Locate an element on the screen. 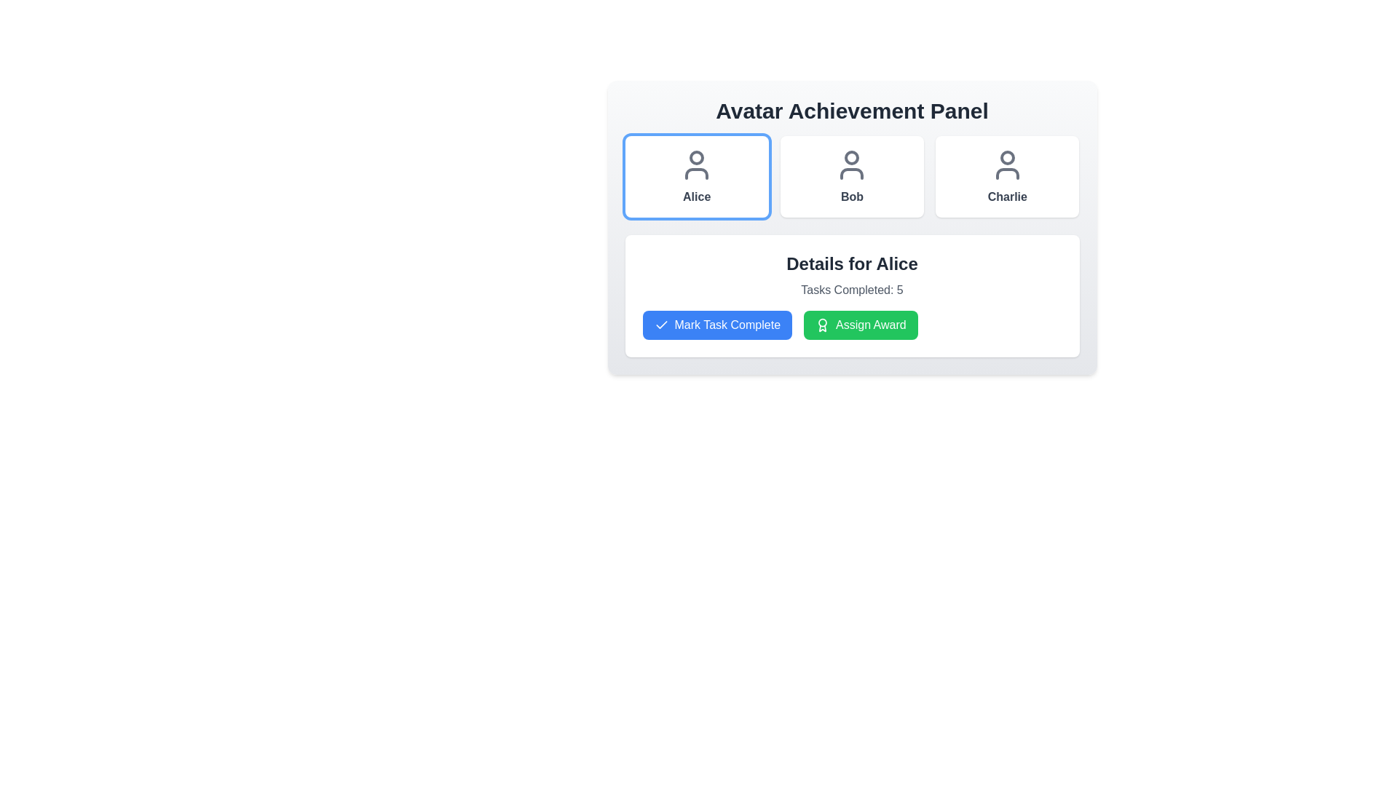 Image resolution: width=1398 pixels, height=786 pixels. the lower section of the avatar icon representing the user 'Alice', which is part of an SVG image situated within the user's card is located at coordinates (696, 173).